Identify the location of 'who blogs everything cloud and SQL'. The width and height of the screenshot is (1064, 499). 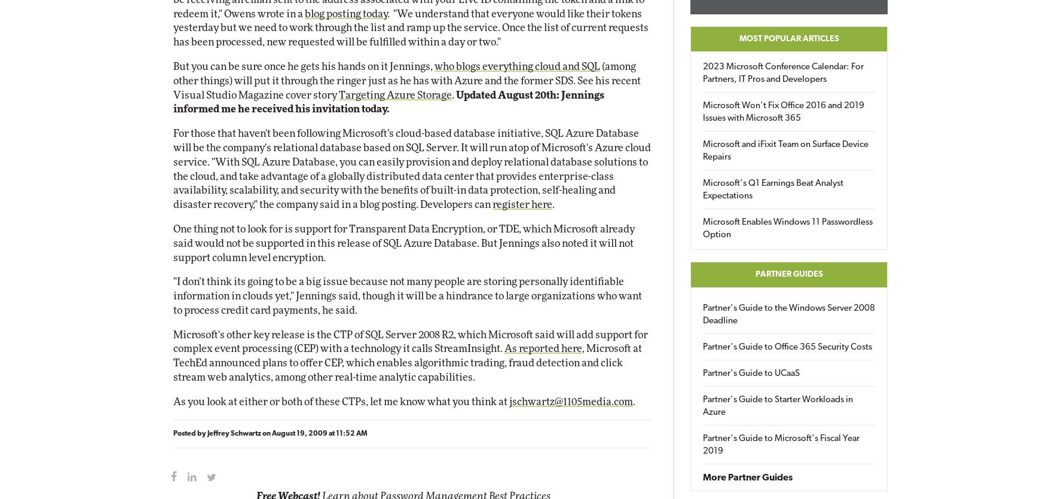
(433, 65).